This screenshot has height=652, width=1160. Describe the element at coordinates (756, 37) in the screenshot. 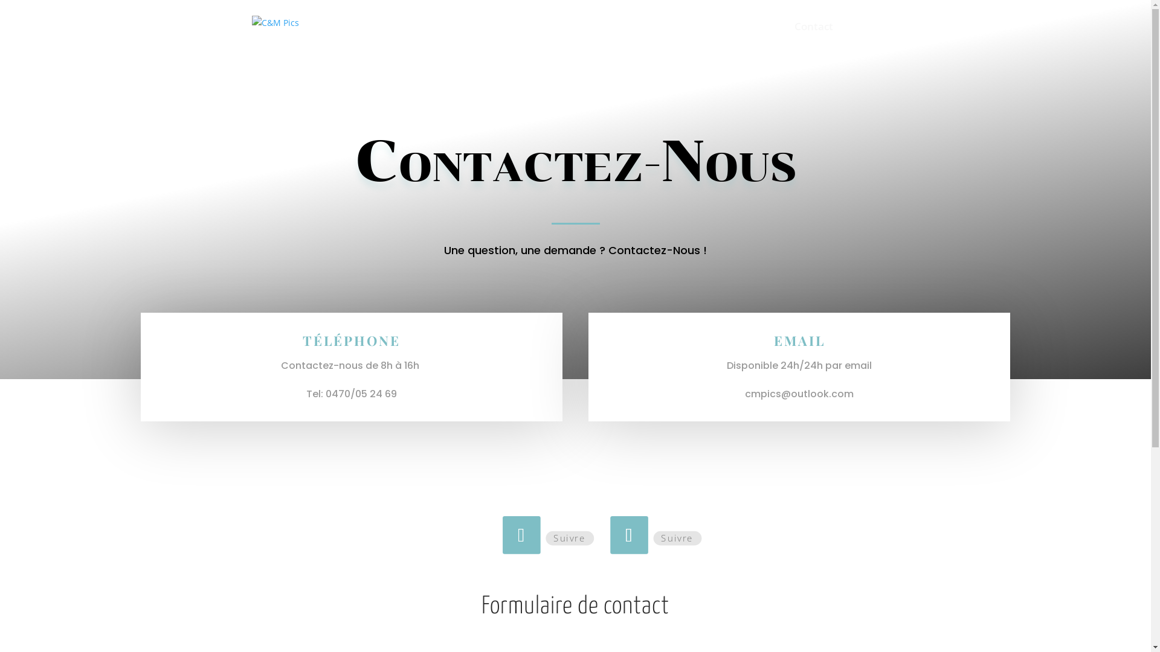

I see `'Portfolio'` at that location.